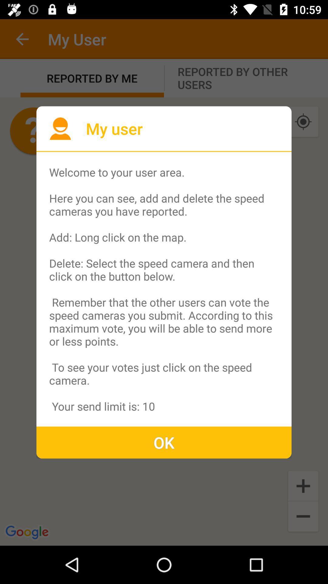 This screenshot has height=584, width=328. I want to click on the ok, so click(164, 442).